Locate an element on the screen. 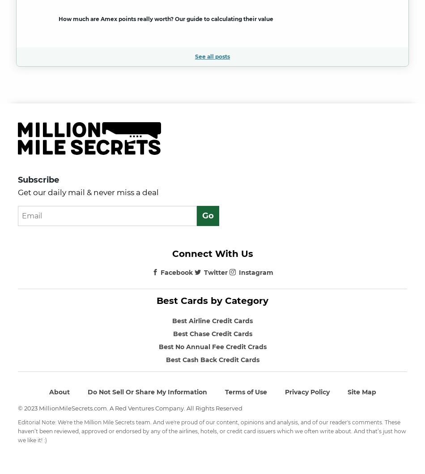  'Site Map' is located at coordinates (361, 392).